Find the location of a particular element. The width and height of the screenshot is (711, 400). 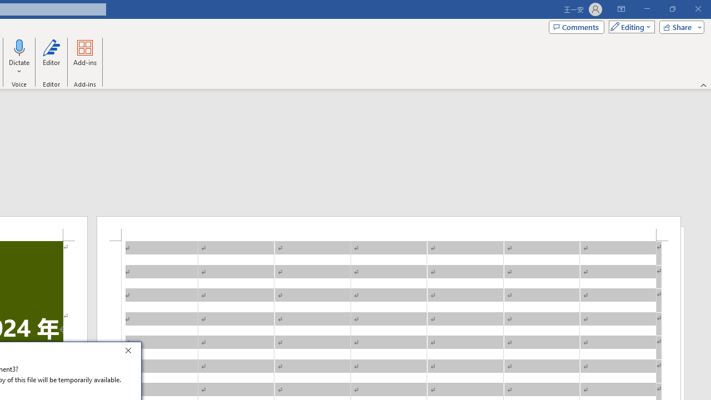

'Share' is located at coordinates (679, 26).